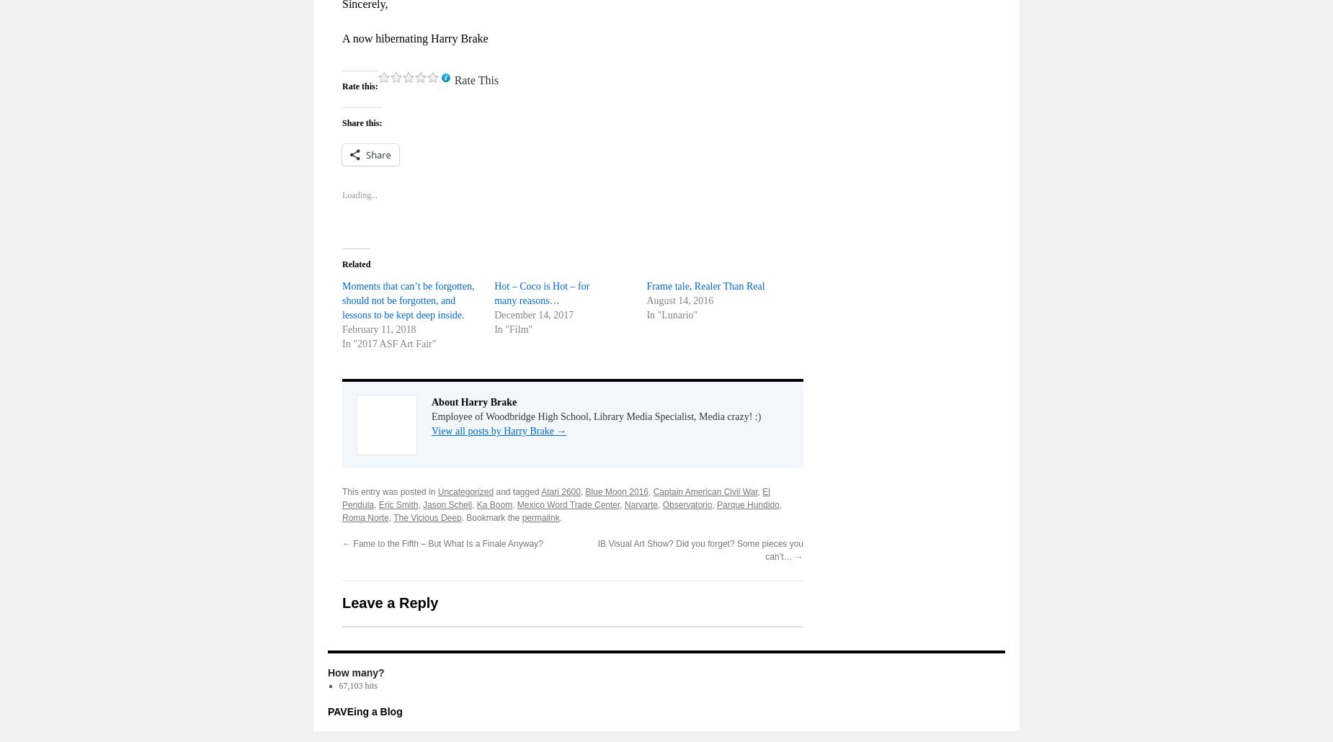  What do you see at coordinates (686, 504) in the screenshot?
I see `'Observatorio'` at bounding box center [686, 504].